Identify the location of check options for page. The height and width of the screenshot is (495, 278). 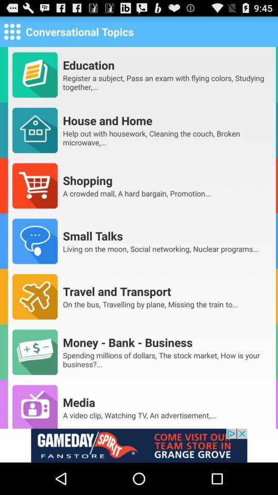
(11, 30).